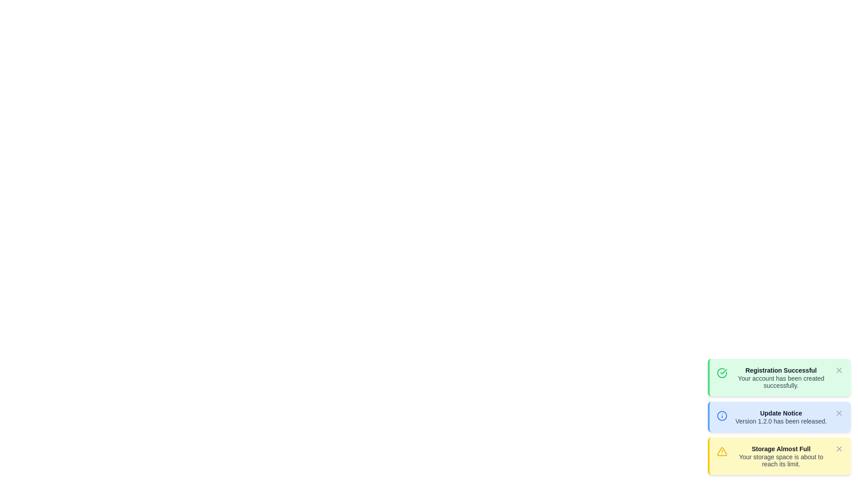 The height and width of the screenshot is (482, 858). What do you see at coordinates (838, 449) in the screenshot?
I see `the dismiss button marked with an 'X' on the right edge of the 'Storage Almost Full' notification to observe potential hover effects` at bounding box center [838, 449].